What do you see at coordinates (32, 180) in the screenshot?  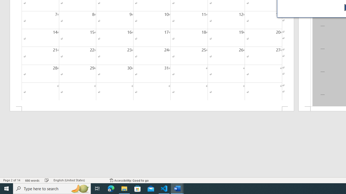 I see `'Word Count 666 words'` at bounding box center [32, 180].